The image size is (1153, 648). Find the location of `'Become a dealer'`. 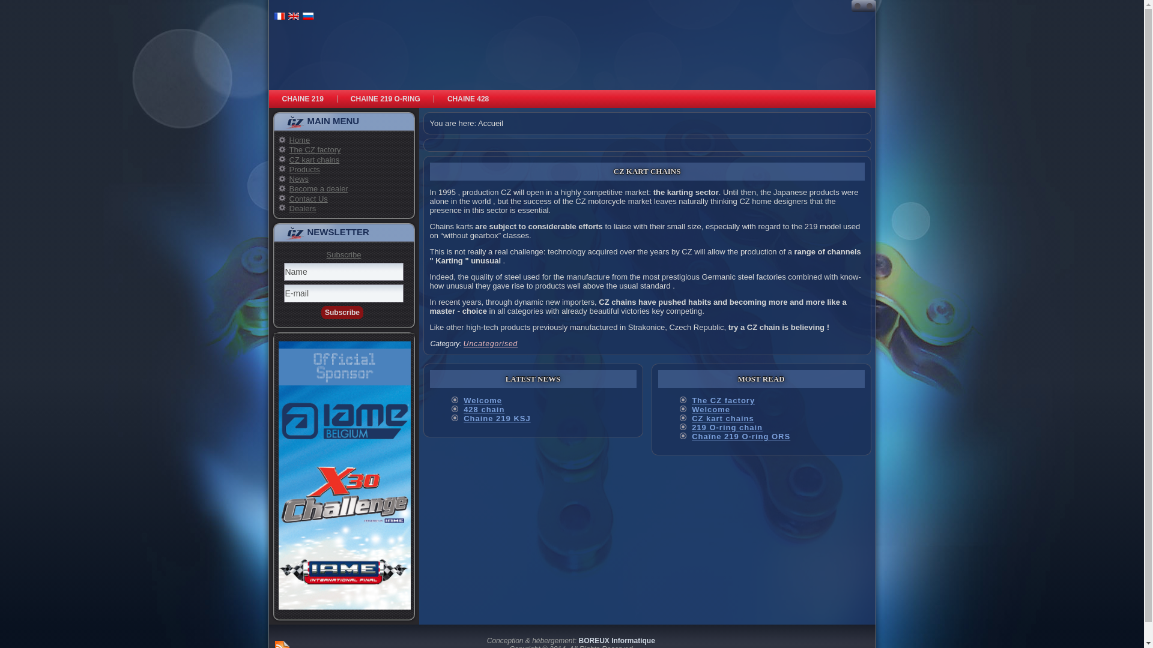

'Become a dealer' is located at coordinates (319, 188).